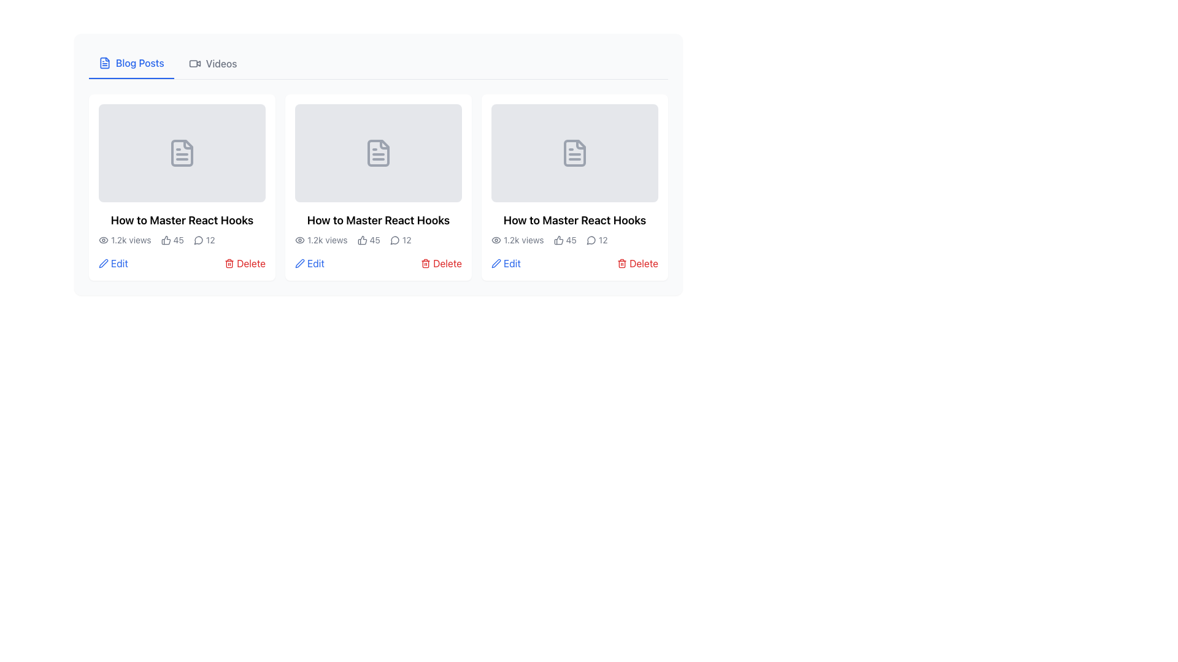 This screenshot has width=1178, height=662. Describe the element at coordinates (496, 262) in the screenshot. I see `the 'Edit' icon located within the second blog card in the middle column of the three-column layout to gather information about its functionality` at that location.